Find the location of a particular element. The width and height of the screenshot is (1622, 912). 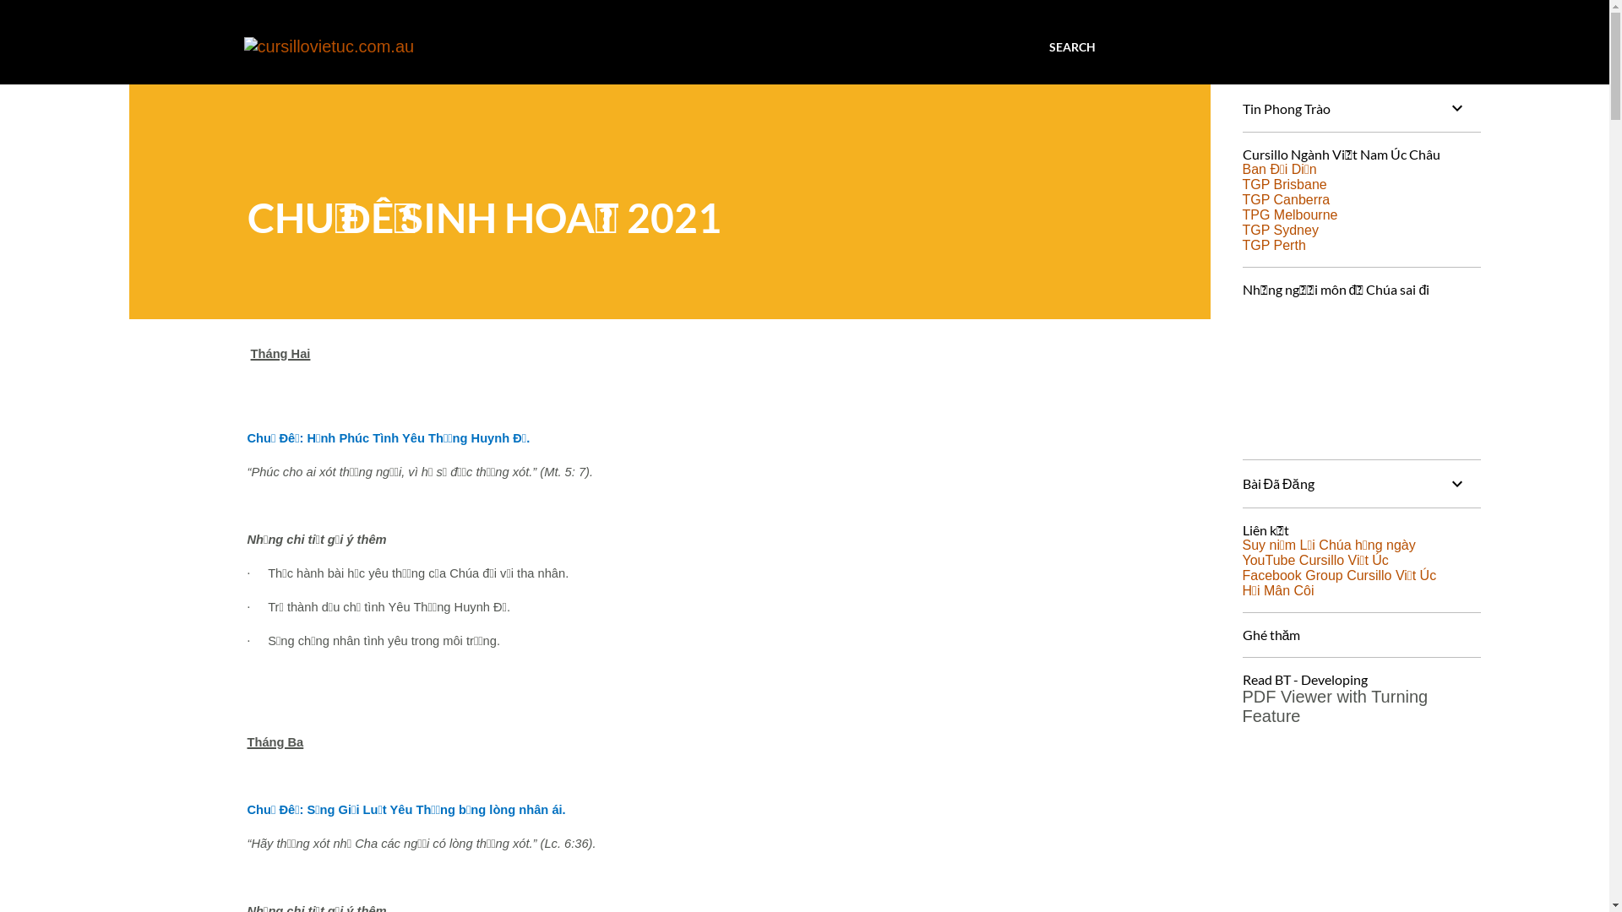

'SEARCH' is located at coordinates (1071, 46).